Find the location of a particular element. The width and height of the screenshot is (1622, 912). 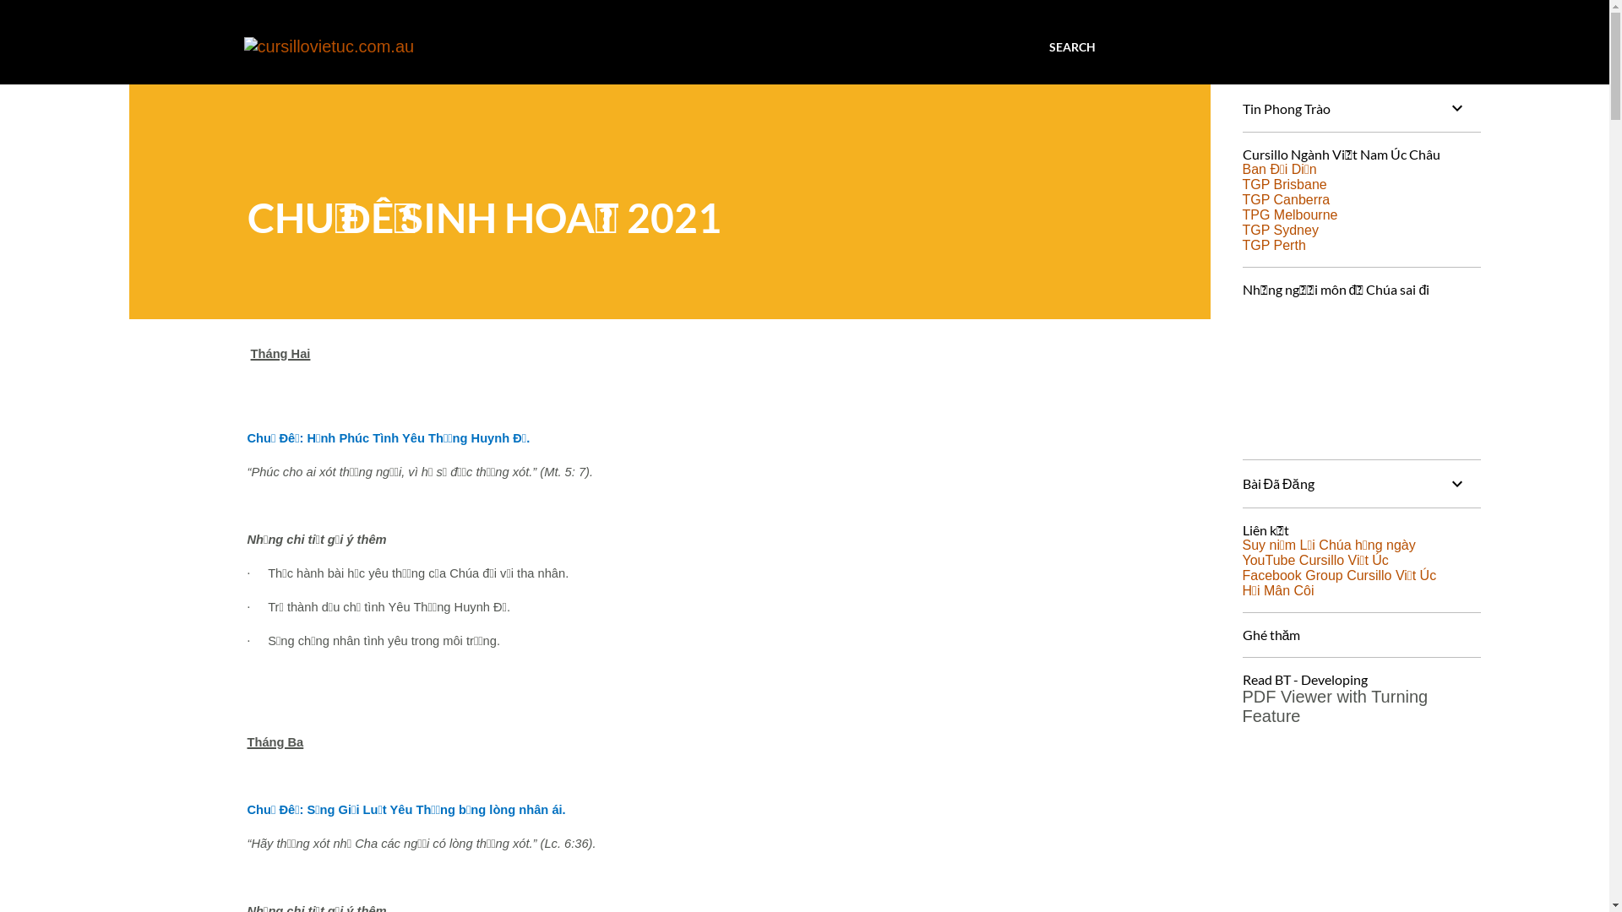

'SEARCH' is located at coordinates (1071, 46).